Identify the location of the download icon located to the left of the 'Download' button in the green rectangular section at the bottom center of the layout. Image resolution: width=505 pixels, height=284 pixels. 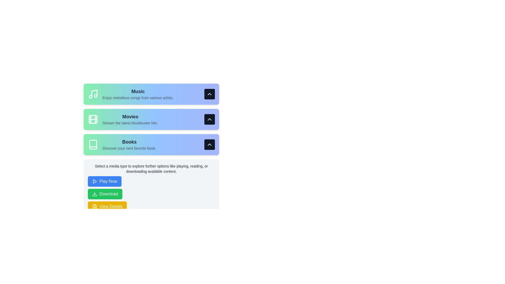
(95, 194).